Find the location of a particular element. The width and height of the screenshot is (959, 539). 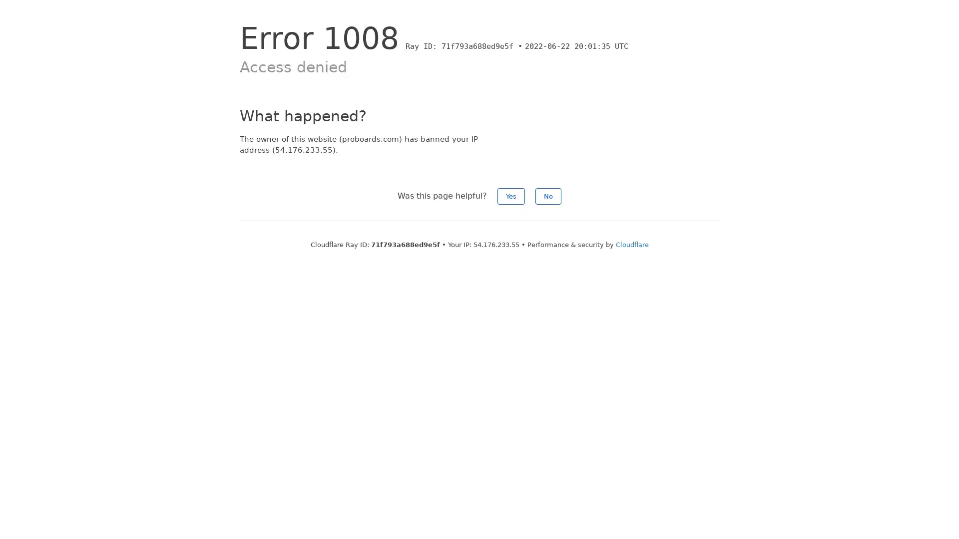

No is located at coordinates (548, 196).